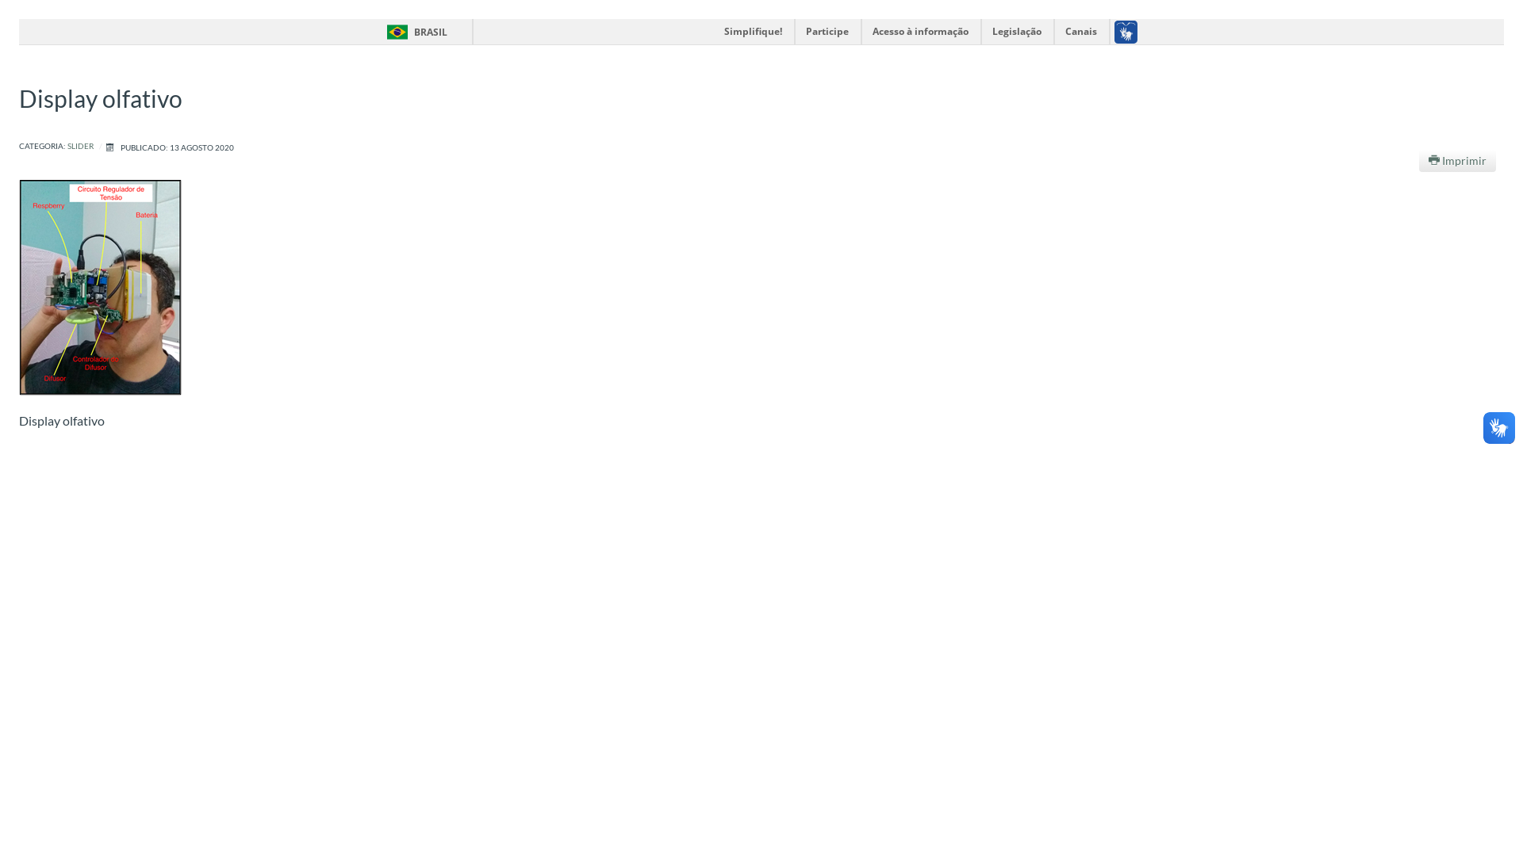 The width and height of the screenshot is (1523, 856). I want to click on 'SLIDER', so click(67, 147).